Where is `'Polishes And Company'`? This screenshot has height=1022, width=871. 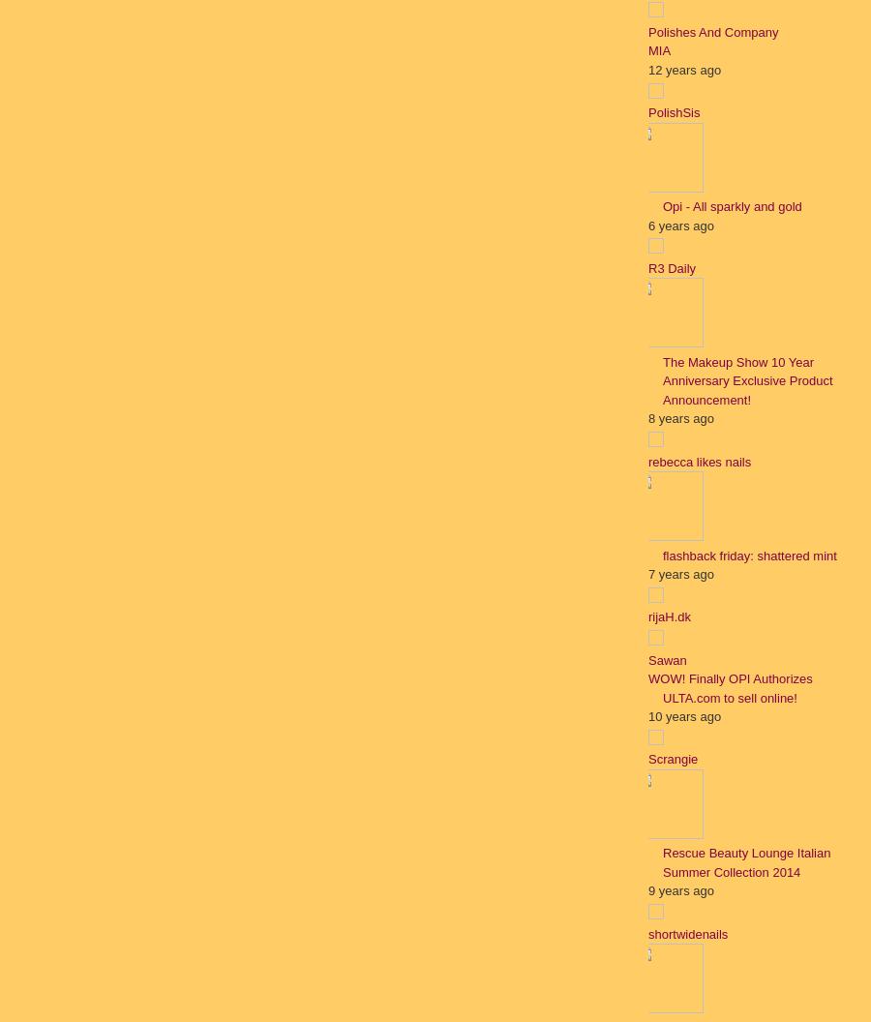
'Polishes And Company' is located at coordinates (712, 31).